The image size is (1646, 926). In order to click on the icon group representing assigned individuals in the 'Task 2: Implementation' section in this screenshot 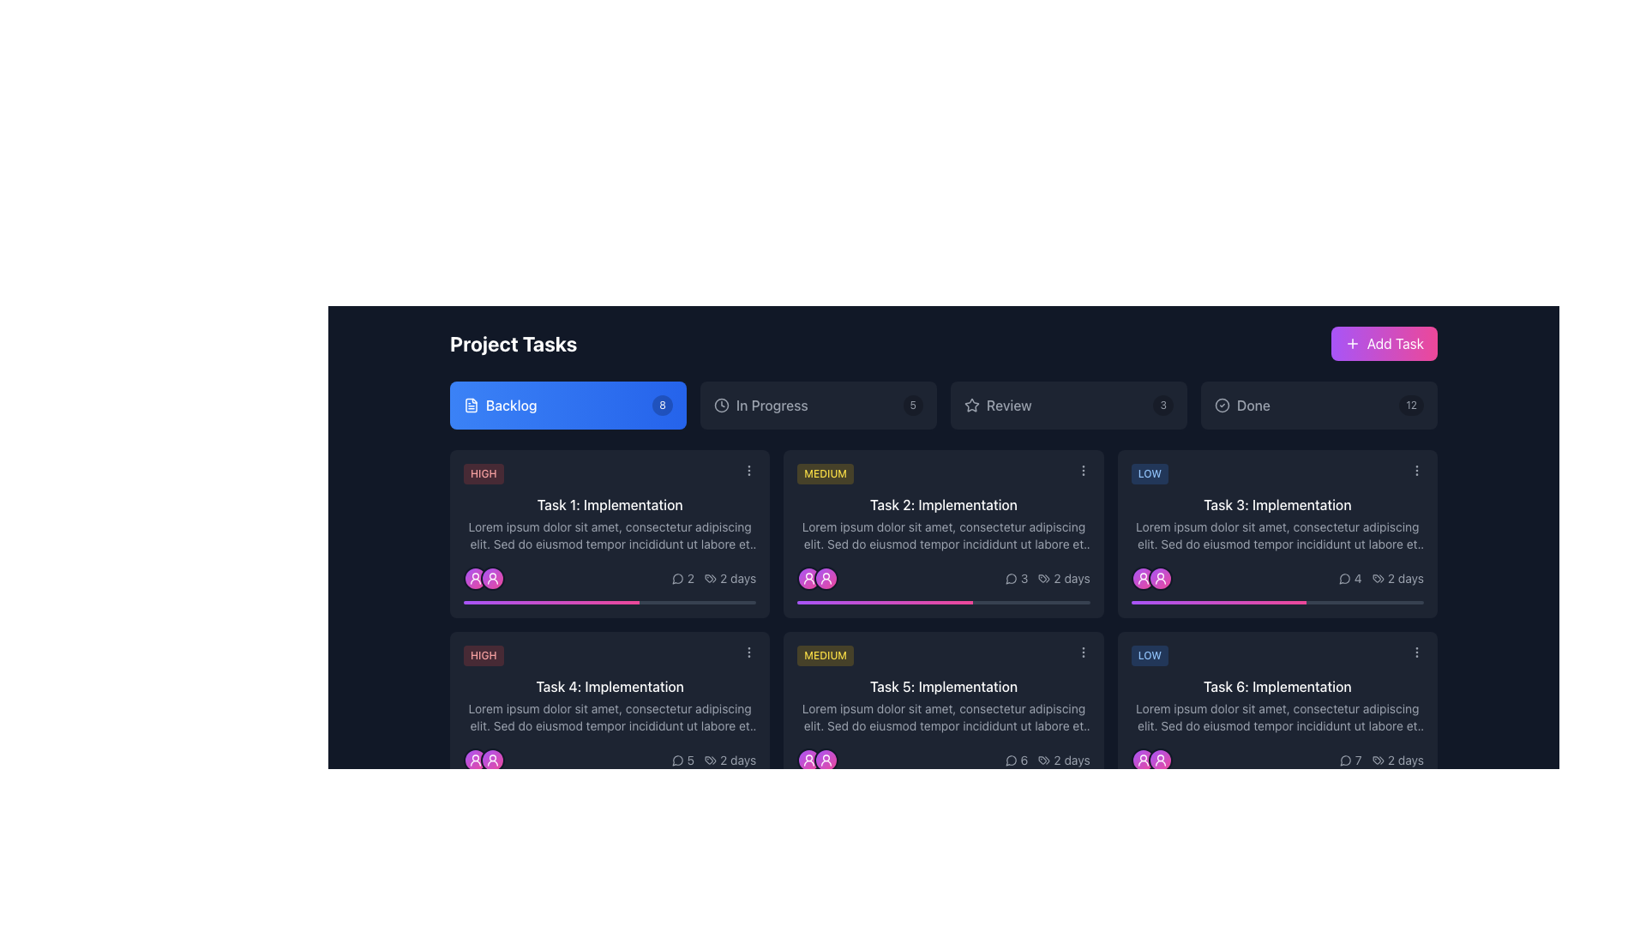, I will do `click(817, 579)`.